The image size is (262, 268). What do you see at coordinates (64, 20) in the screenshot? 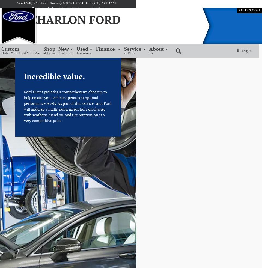
I see `'Jim Charlon Ford'` at bounding box center [64, 20].